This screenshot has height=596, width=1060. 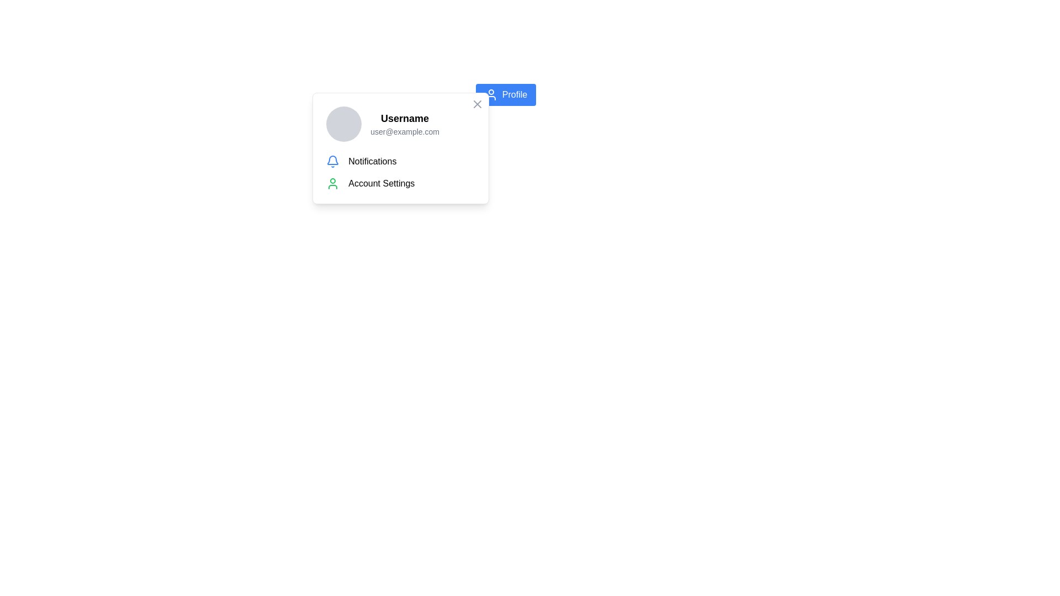 I want to click on the user silhouette icon located on the blue 'Profile' button near the top-right corner of the interface, so click(x=490, y=94).